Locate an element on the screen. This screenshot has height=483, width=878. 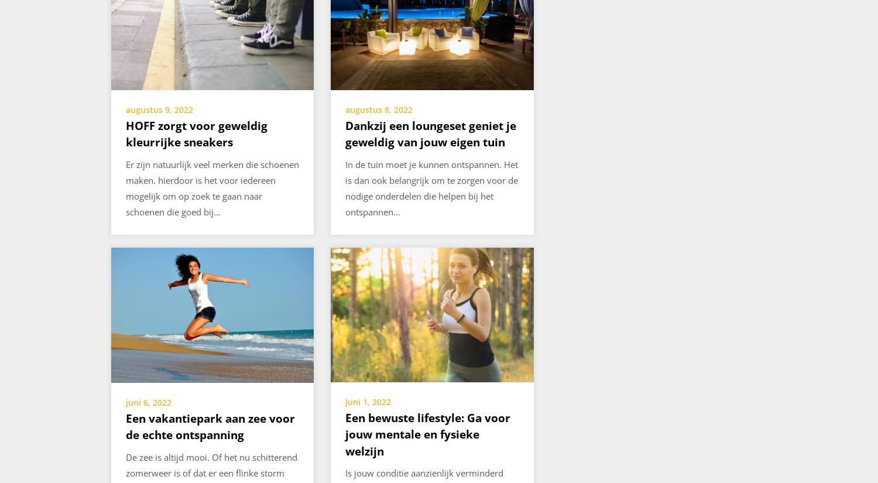
'juni 1, 2022' is located at coordinates (368, 401).